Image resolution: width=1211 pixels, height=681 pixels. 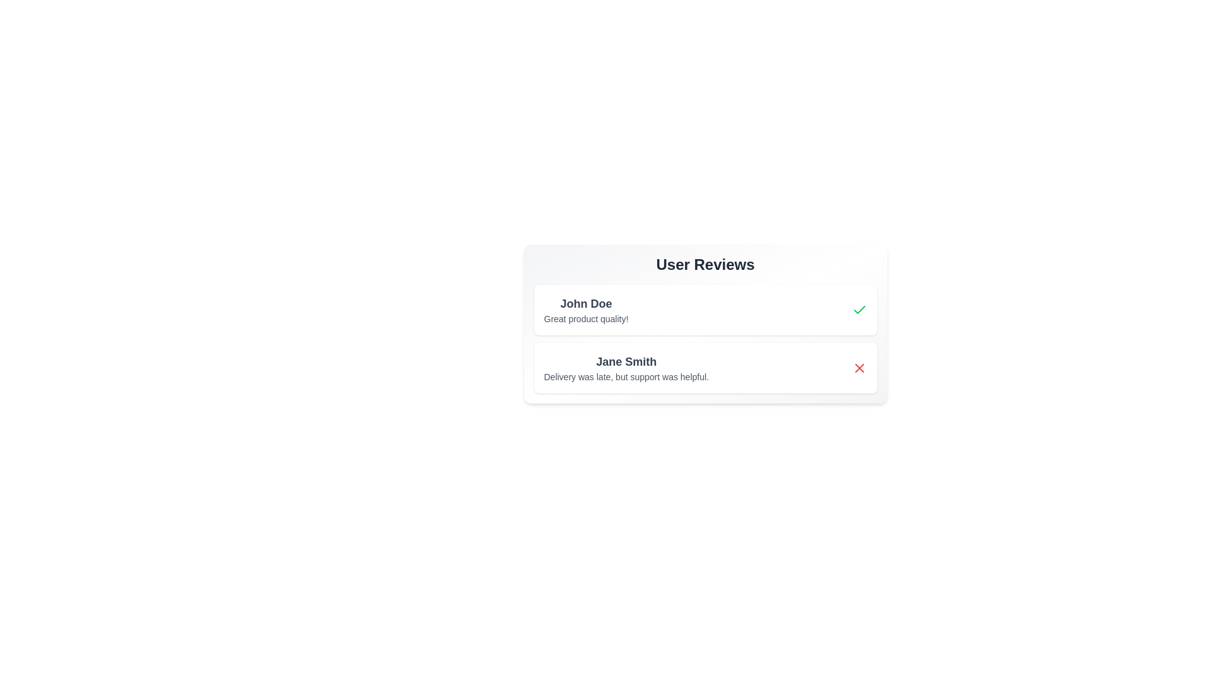 What do you see at coordinates (858, 310) in the screenshot?
I see `the green checkmark icon representing a successful state in the first row of the user reviews section associated with John Doe` at bounding box center [858, 310].